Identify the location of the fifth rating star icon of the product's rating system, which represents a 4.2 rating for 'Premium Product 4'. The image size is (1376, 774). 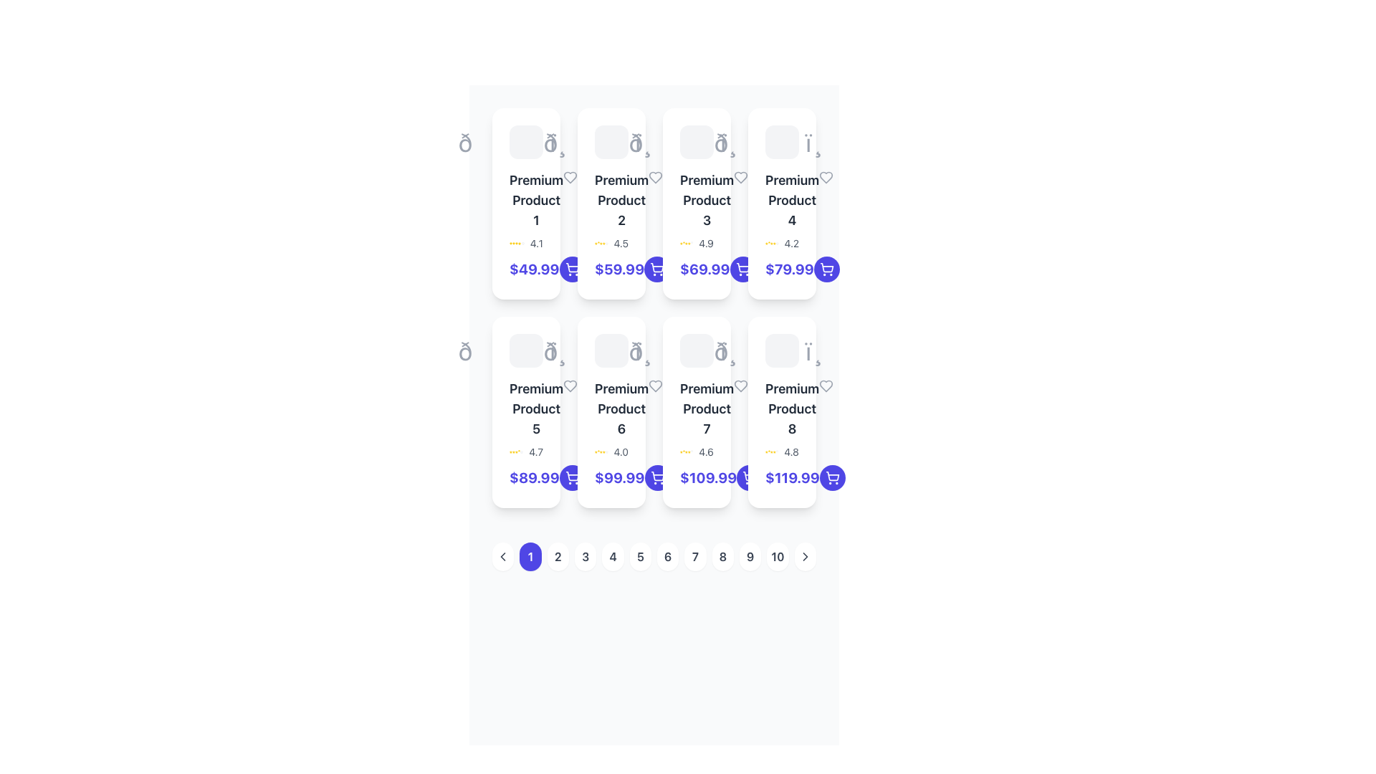
(773, 242).